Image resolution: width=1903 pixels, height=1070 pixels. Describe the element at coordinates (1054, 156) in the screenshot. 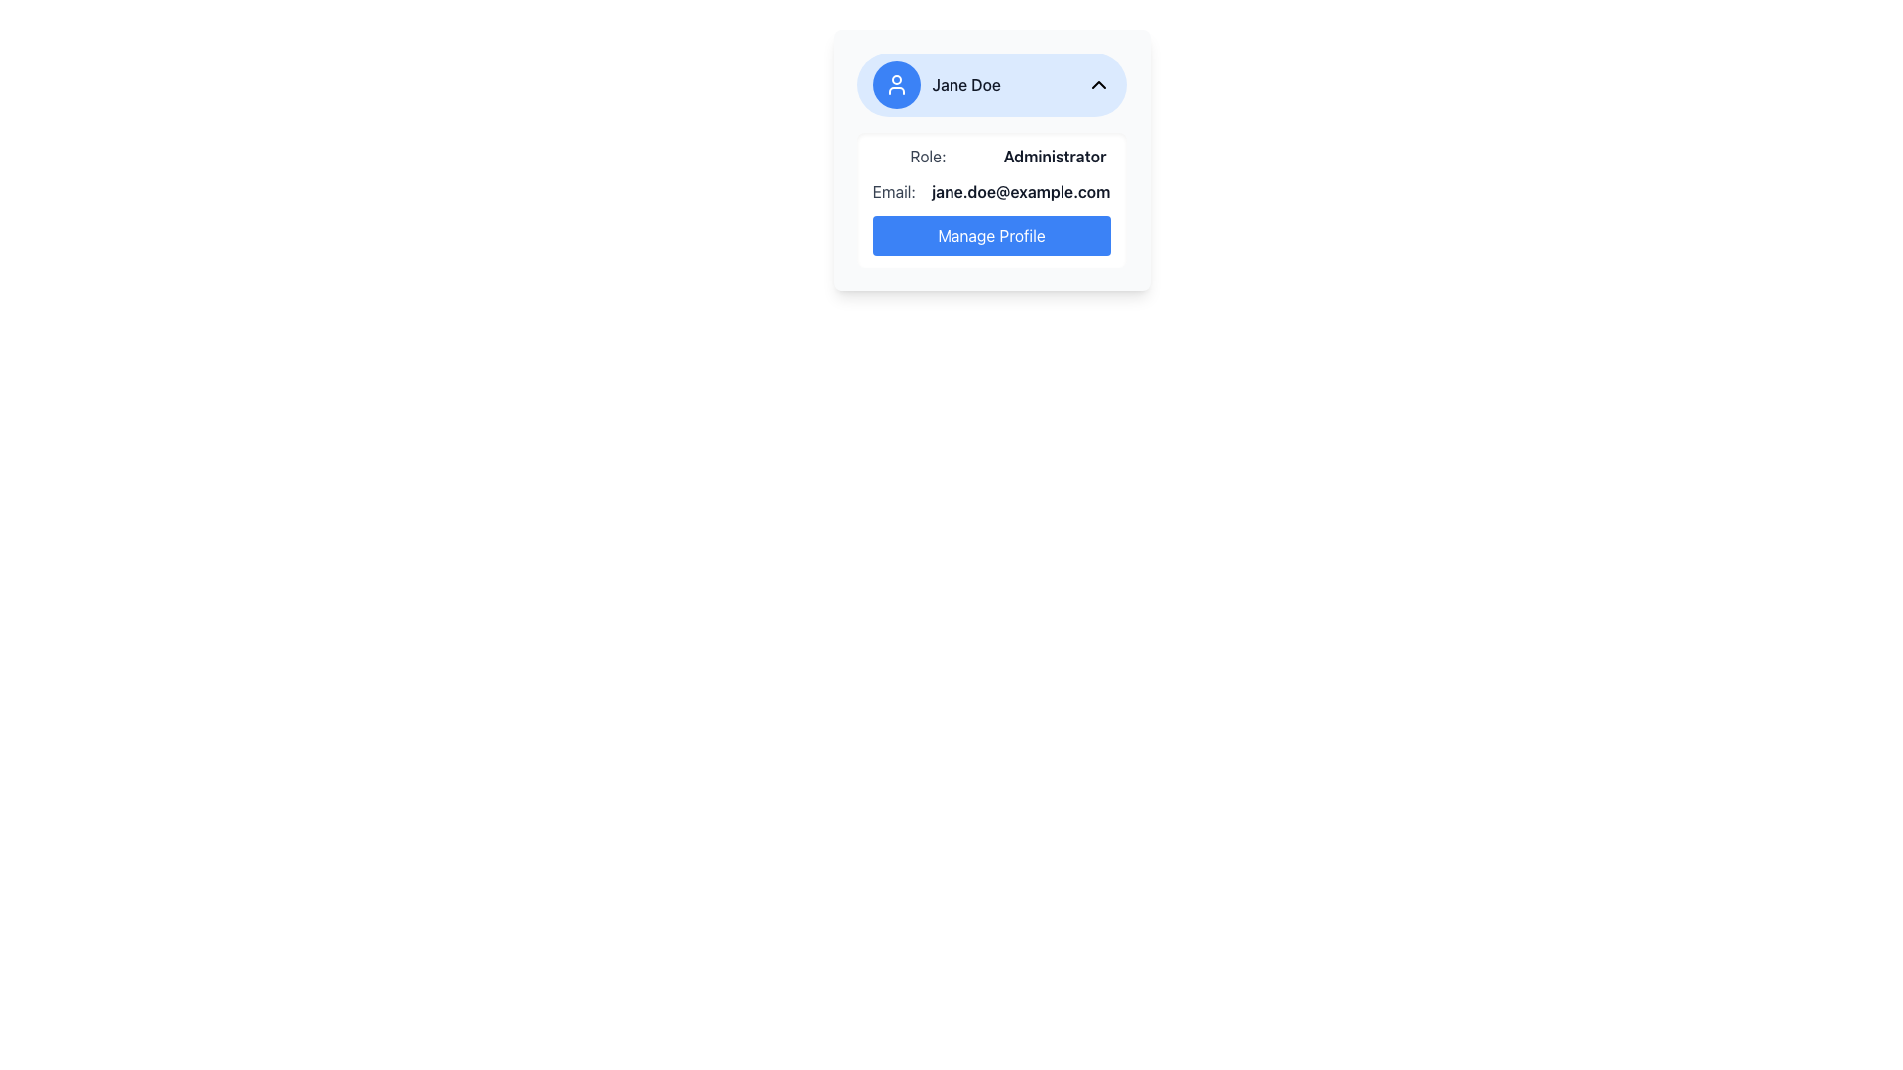

I see `text of the 'Administrator' label, which is styled in bold dark gray and positioned after 'Role:' in the profile section of the user profile card` at that location.